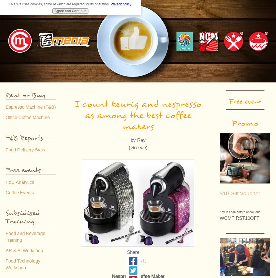 The width and height of the screenshot is (276, 278). What do you see at coordinates (23, 217) in the screenshot?
I see `'Subsidised Training'` at bounding box center [23, 217].